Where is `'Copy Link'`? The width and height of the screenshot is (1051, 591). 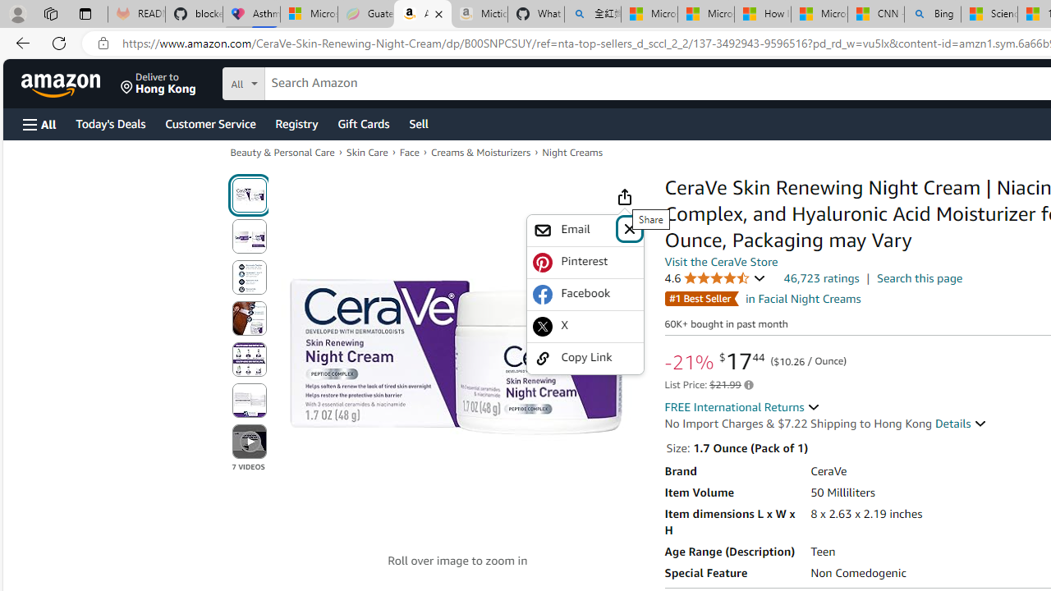 'Copy Link' is located at coordinates (585, 357).